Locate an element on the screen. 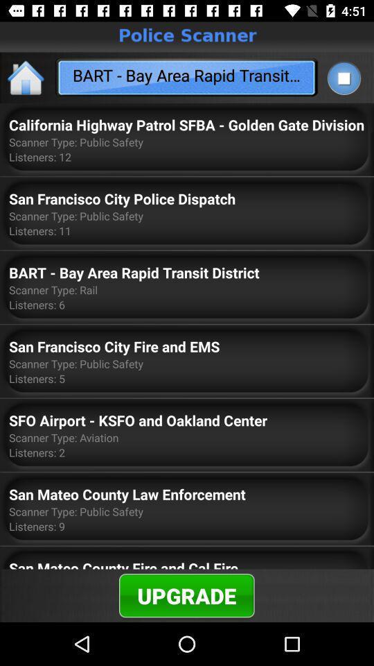 Image resolution: width=374 pixels, height=666 pixels. the item below listeners: 5 item is located at coordinates (138, 419).